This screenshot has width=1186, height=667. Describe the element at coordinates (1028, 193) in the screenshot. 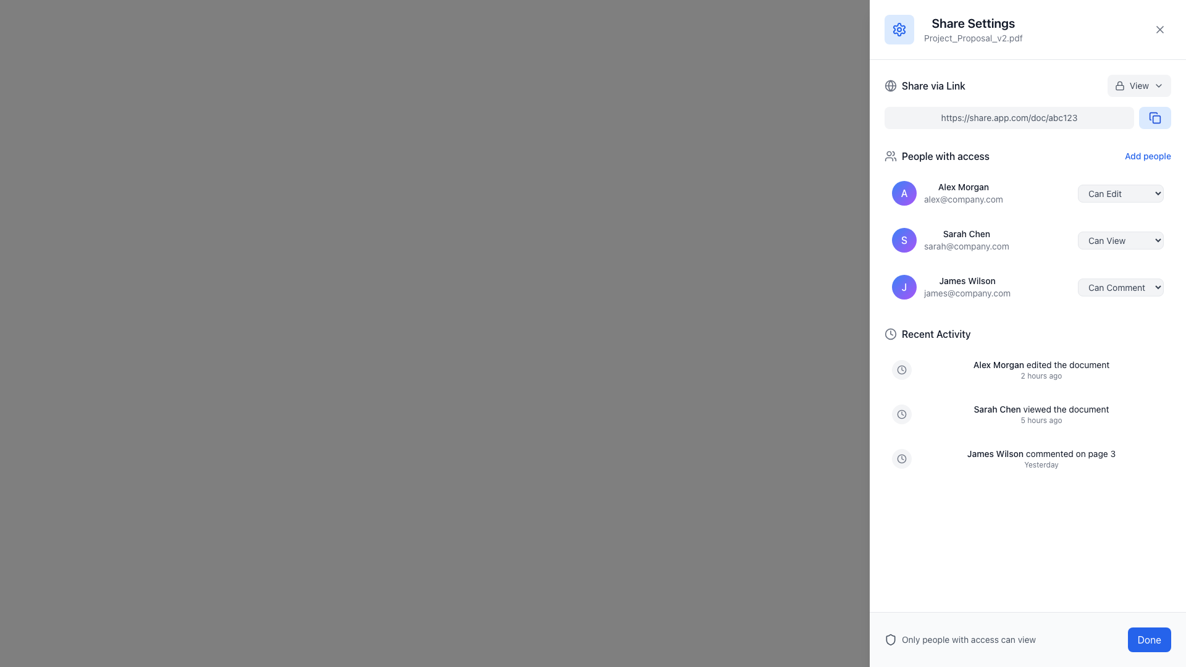

I see `the dropdown menu of the user details component for 'Alex Morgan' to change permissions` at that location.